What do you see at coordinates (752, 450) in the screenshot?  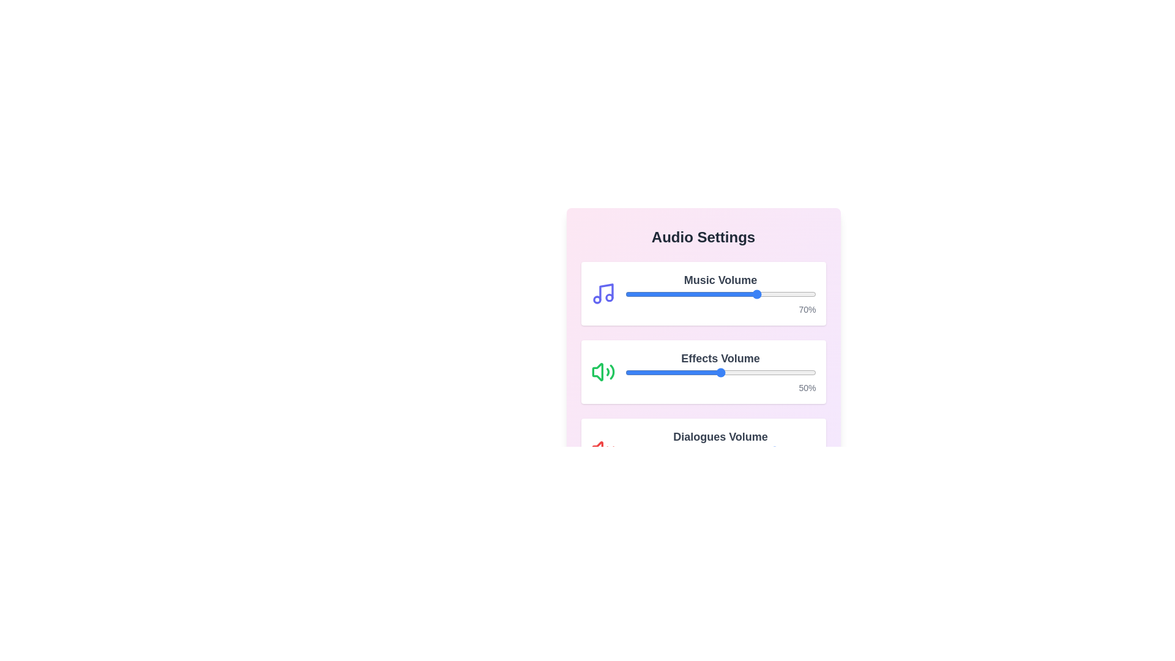 I see `the Dialogues Volume slider to 67%` at bounding box center [752, 450].